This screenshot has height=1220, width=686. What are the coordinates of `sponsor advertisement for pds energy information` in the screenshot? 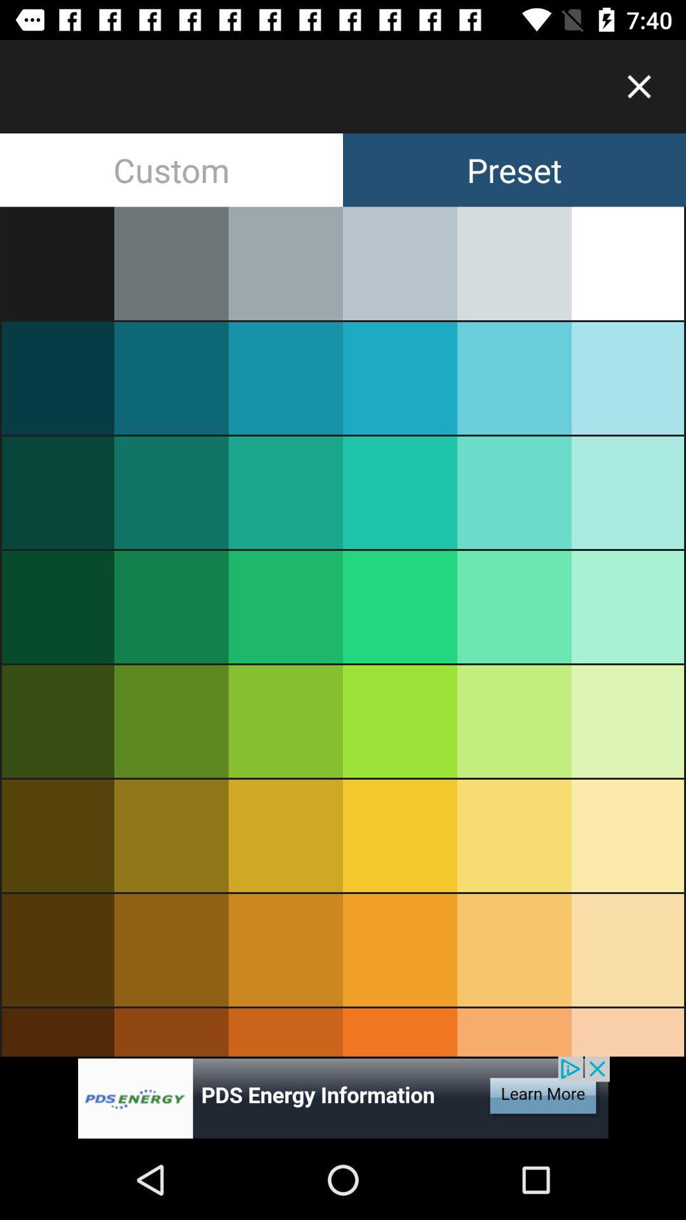 It's located at (343, 1097).